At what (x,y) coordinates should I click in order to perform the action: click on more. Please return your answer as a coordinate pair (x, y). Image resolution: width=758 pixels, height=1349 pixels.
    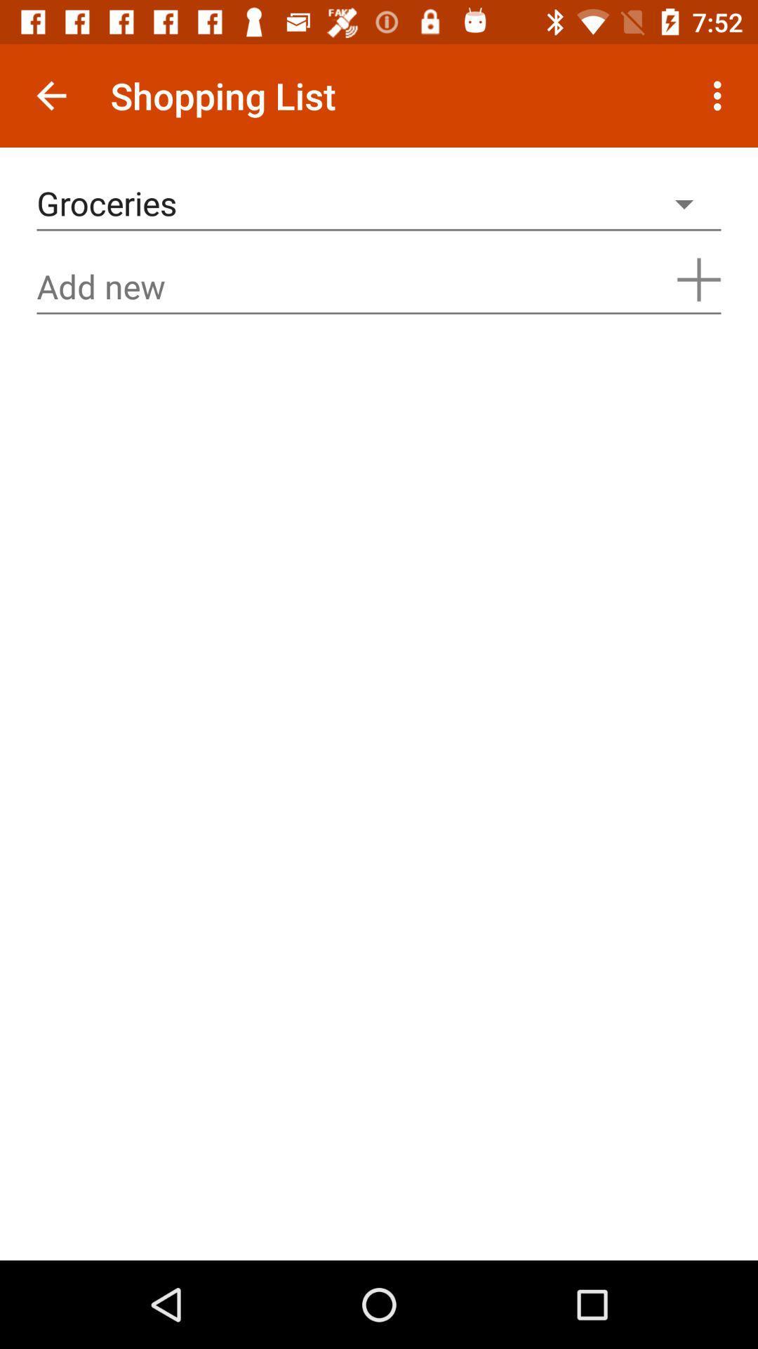
    Looking at the image, I should click on (698, 280).